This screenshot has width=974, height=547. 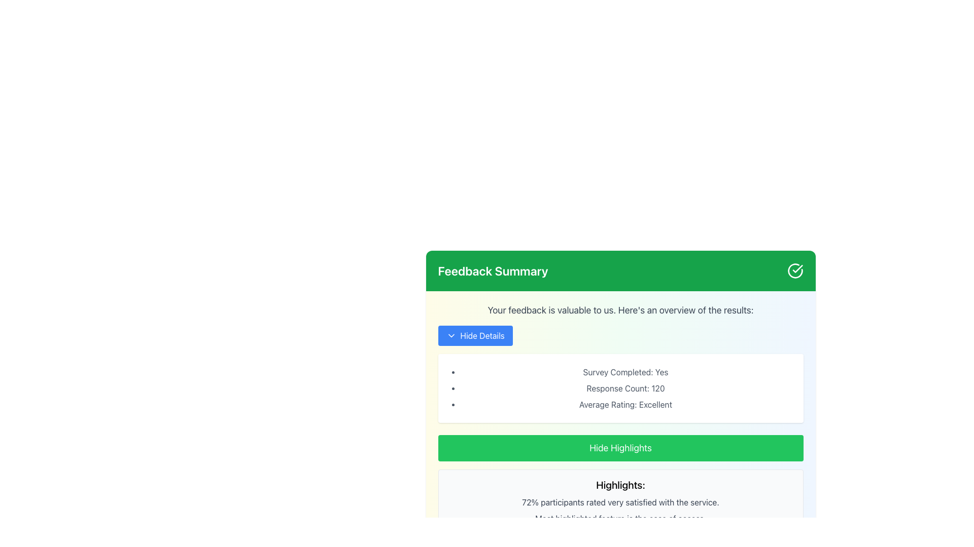 I want to click on introductory text element that provides context to the feedback summary section, positioned below the 'Feedback Summary' header and above the 'Hide Details' button, so click(x=620, y=310).